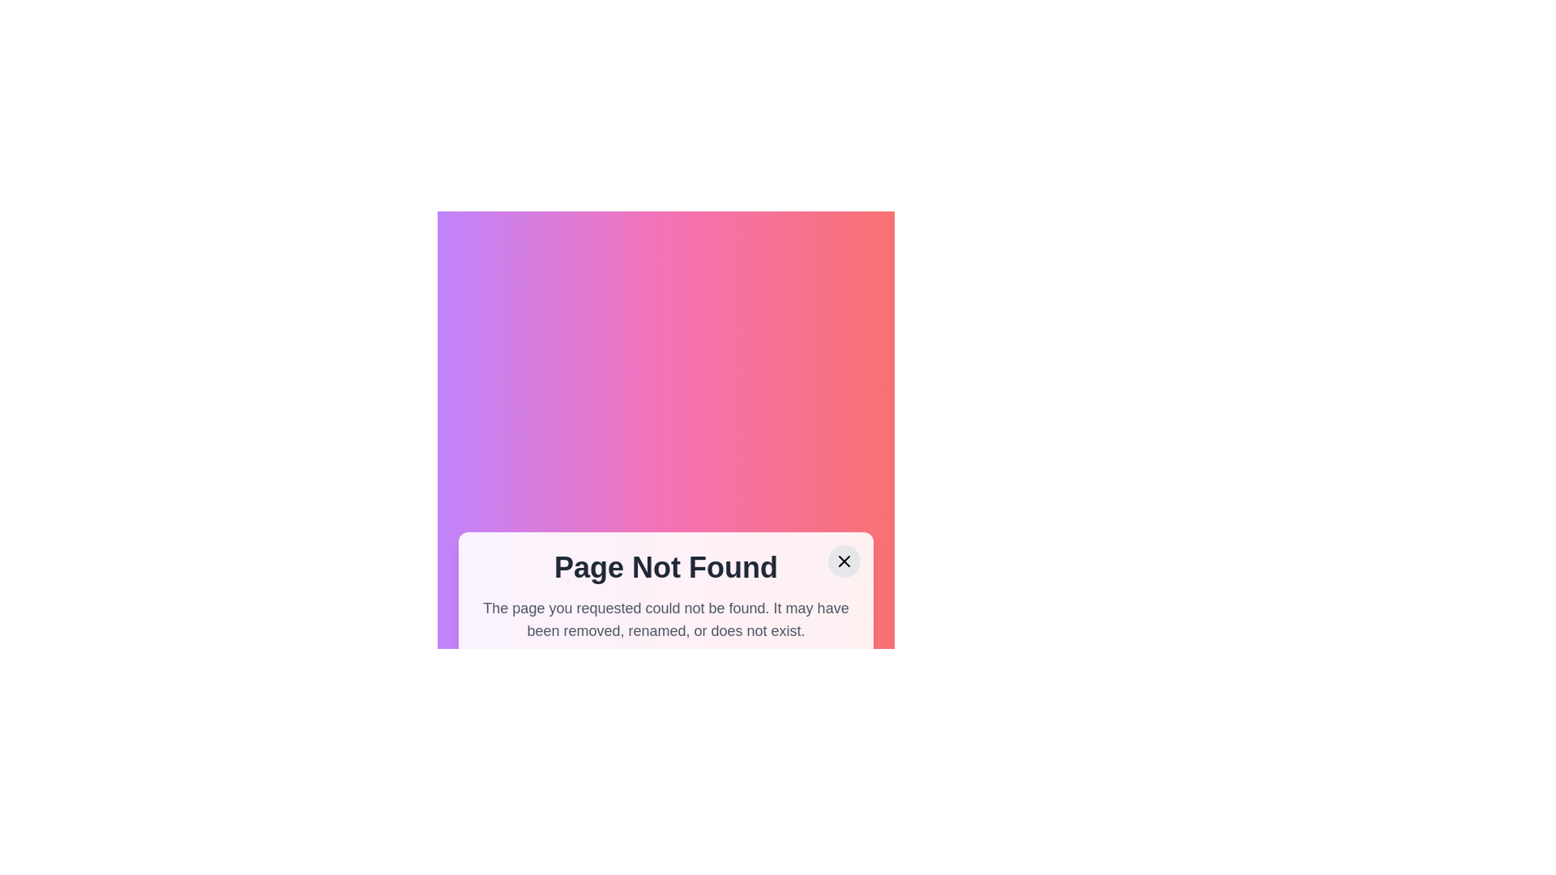  I want to click on error message text label located below the 'Page Not Found' header and above the buttons 'Go to Home' and 'Contact Us', so click(665, 618).